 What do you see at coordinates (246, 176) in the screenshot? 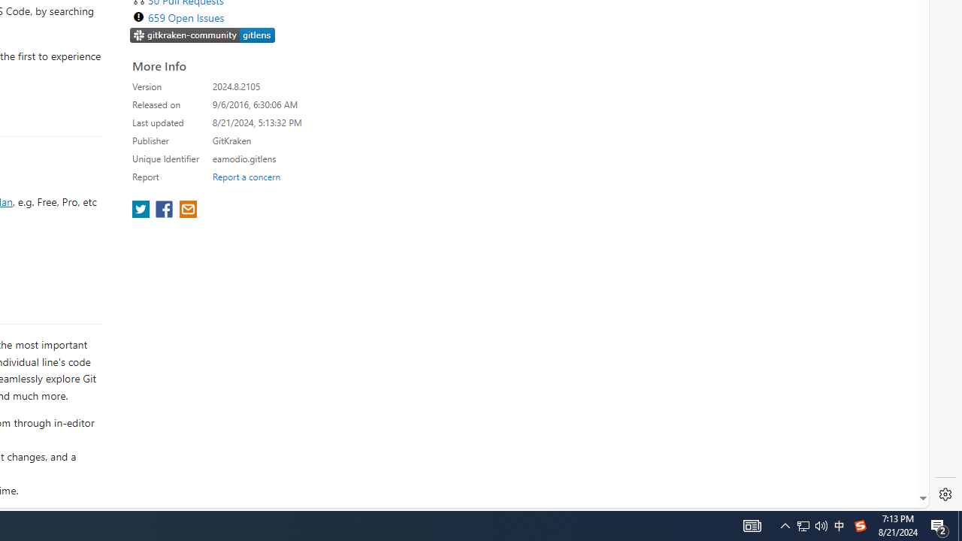
I see `'Report a concern'` at bounding box center [246, 176].